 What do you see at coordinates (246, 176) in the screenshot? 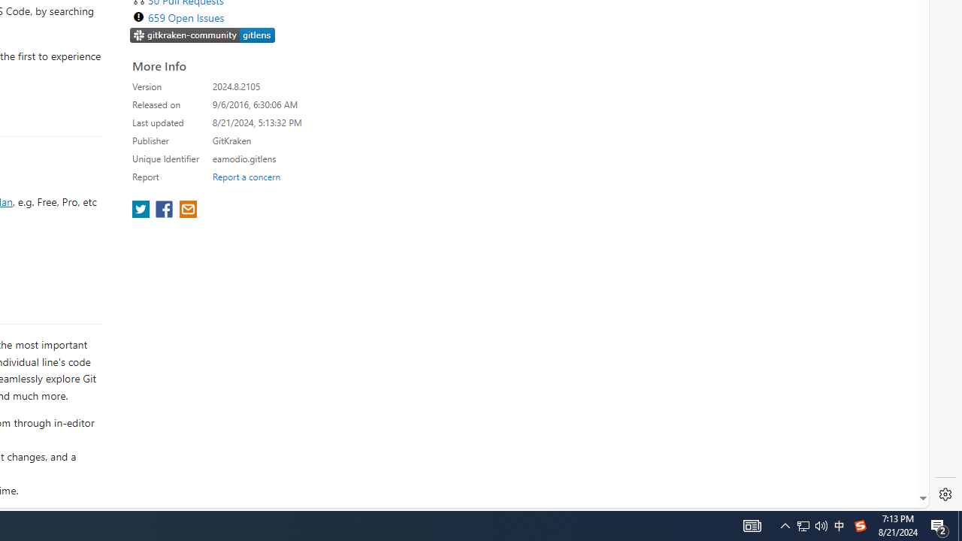
I see `'Report a concern'` at bounding box center [246, 176].